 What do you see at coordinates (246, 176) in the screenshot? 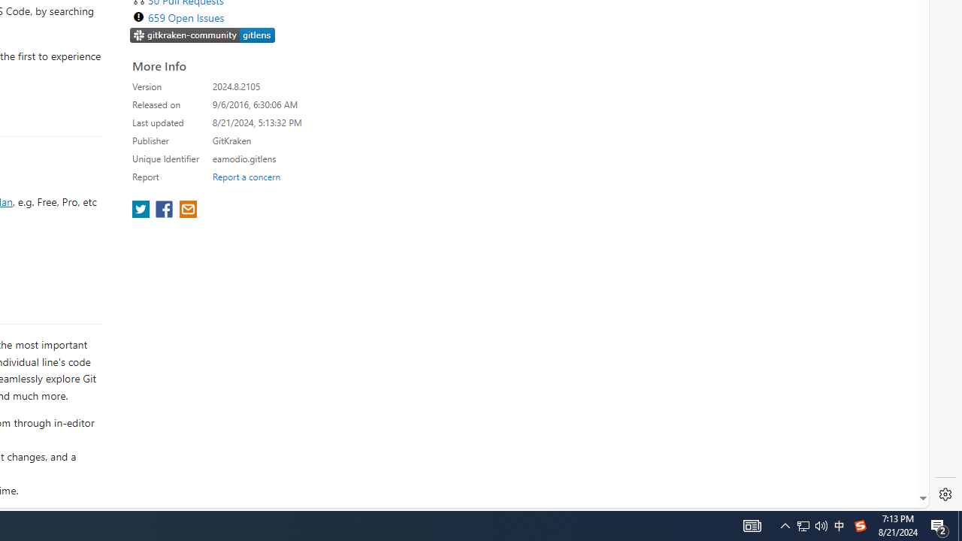
I see `'Report a concern'` at bounding box center [246, 176].